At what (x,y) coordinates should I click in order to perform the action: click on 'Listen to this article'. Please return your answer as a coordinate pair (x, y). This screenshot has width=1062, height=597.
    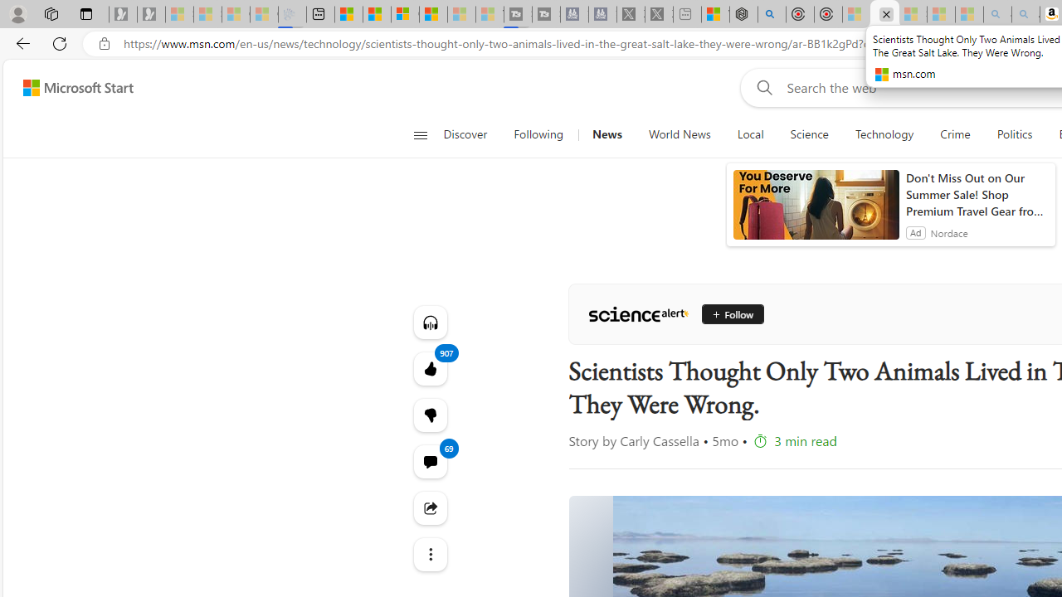
    Looking at the image, I should click on (430, 322).